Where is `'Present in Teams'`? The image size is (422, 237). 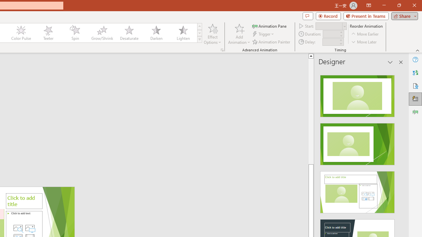
'Present in Teams' is located at coordinates (366, 15).